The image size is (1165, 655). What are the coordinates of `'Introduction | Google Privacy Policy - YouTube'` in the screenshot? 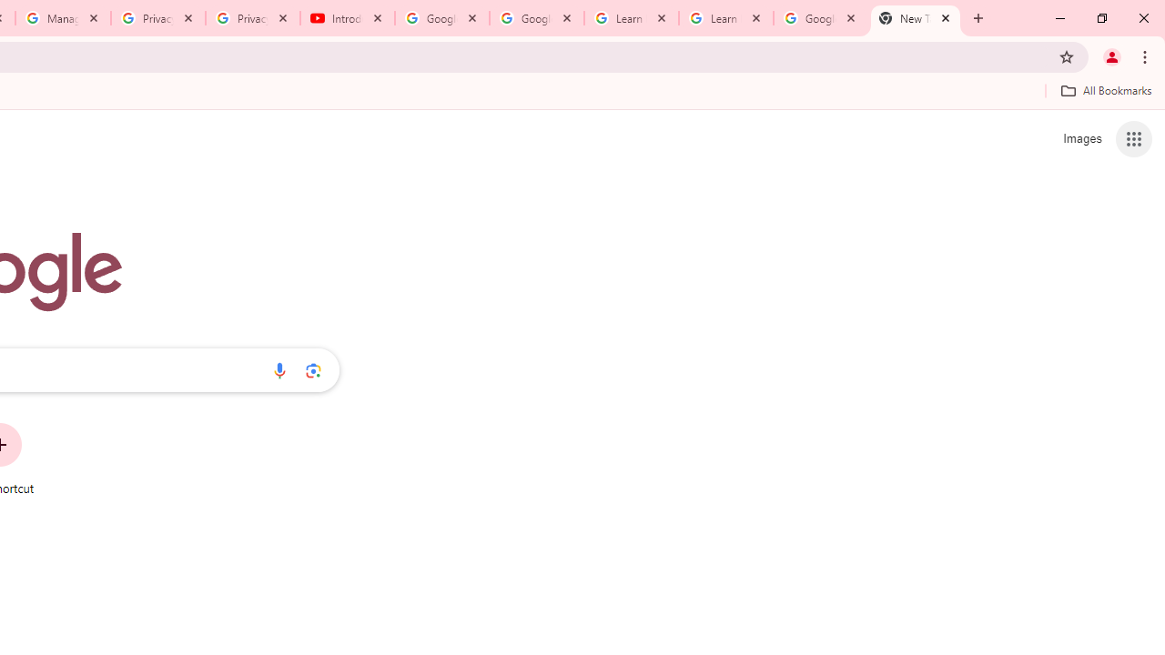 It's located at (348, 18).